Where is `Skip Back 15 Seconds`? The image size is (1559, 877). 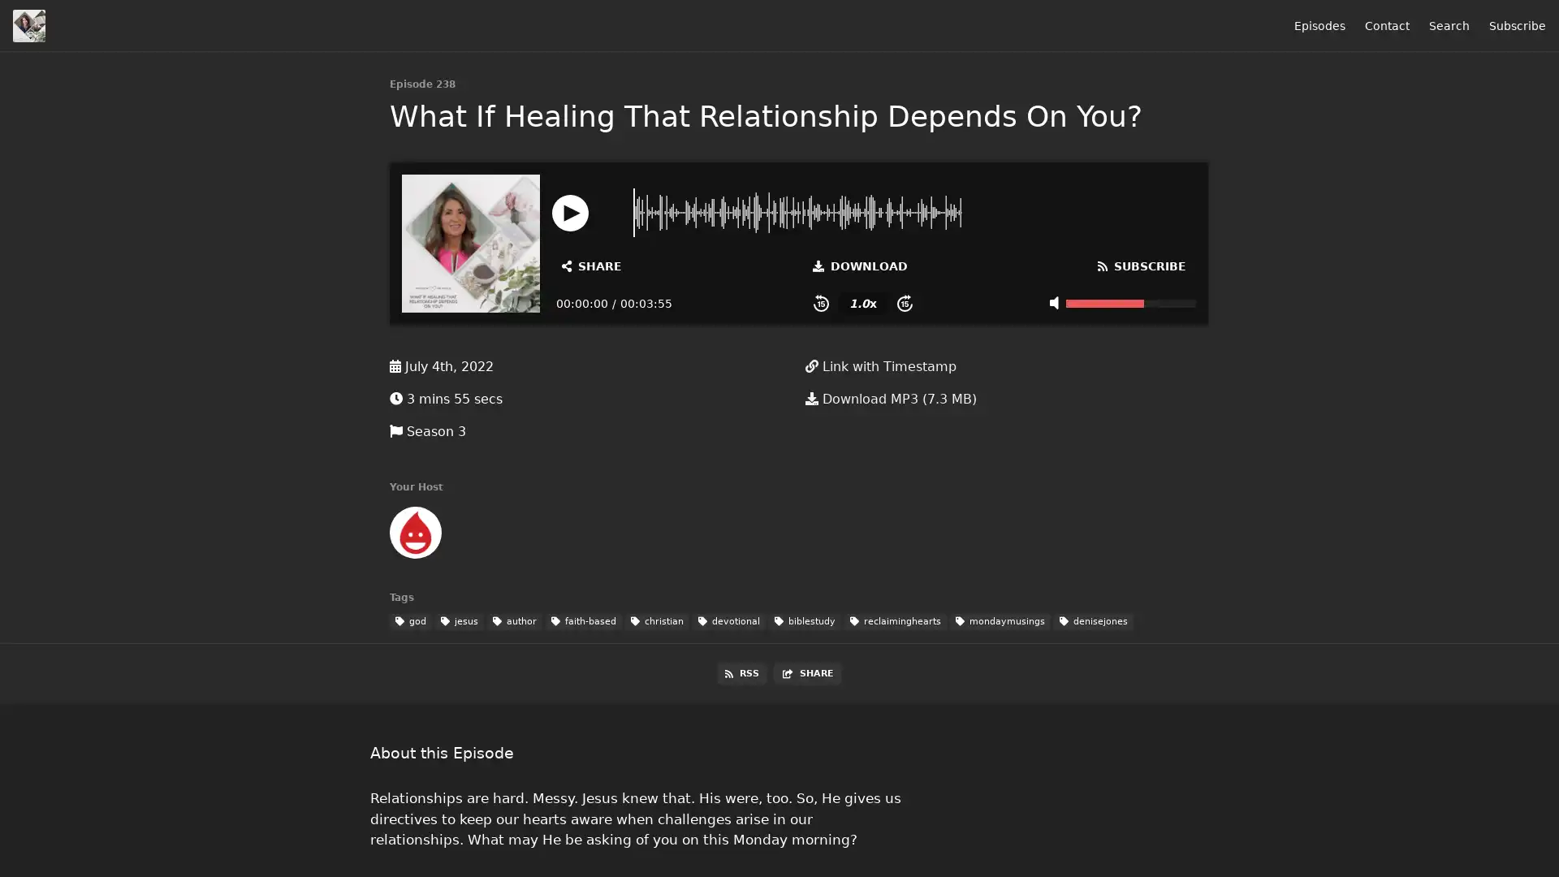
Skip Back 15 Seconds is located at coordinates (821, 303).